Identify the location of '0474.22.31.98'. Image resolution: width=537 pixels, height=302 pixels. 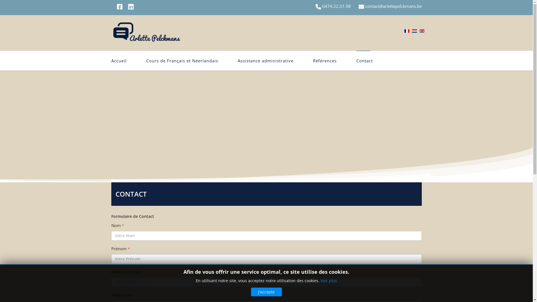
(333, 6).